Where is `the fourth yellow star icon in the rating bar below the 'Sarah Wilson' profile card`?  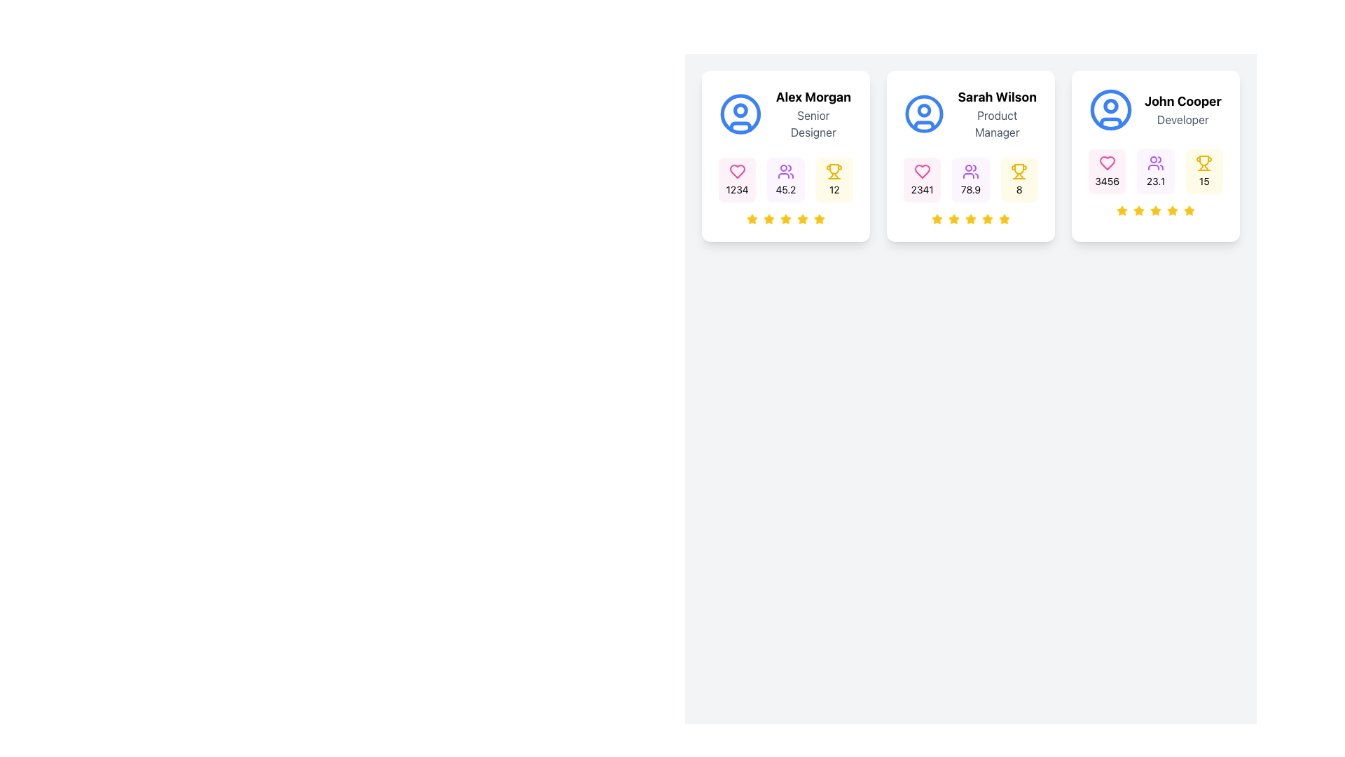
the fourth yellow star icon in the rating bar below the 'Sarah Wilson' profile card is located at coordinates (970, 219).